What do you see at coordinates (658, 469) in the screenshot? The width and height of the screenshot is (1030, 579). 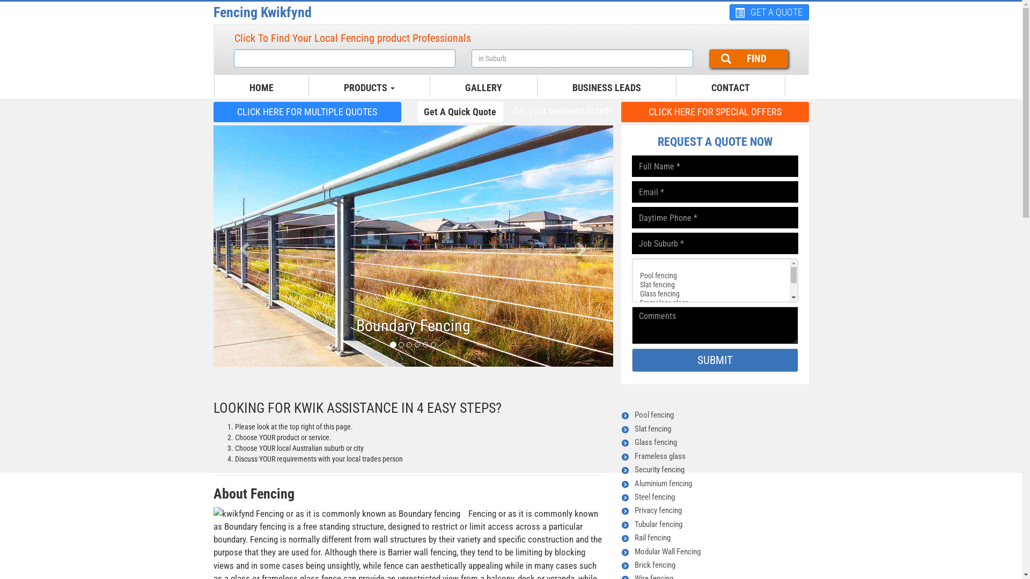 I see `'Security fencing'` at bounding box center [658, 469].